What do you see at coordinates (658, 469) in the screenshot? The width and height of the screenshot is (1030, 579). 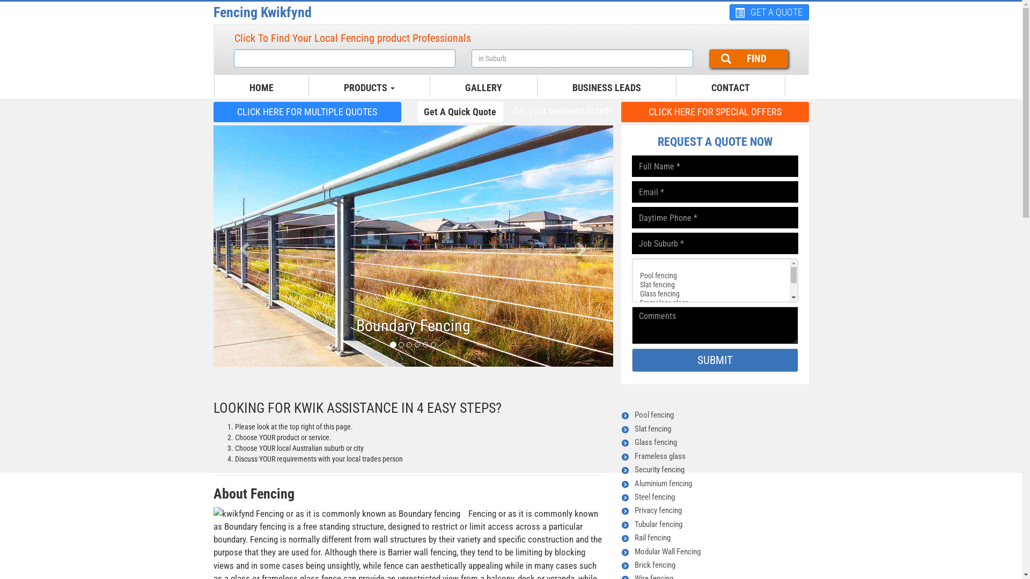 I see `'Security fencing'` at bounding box center [658, 469].